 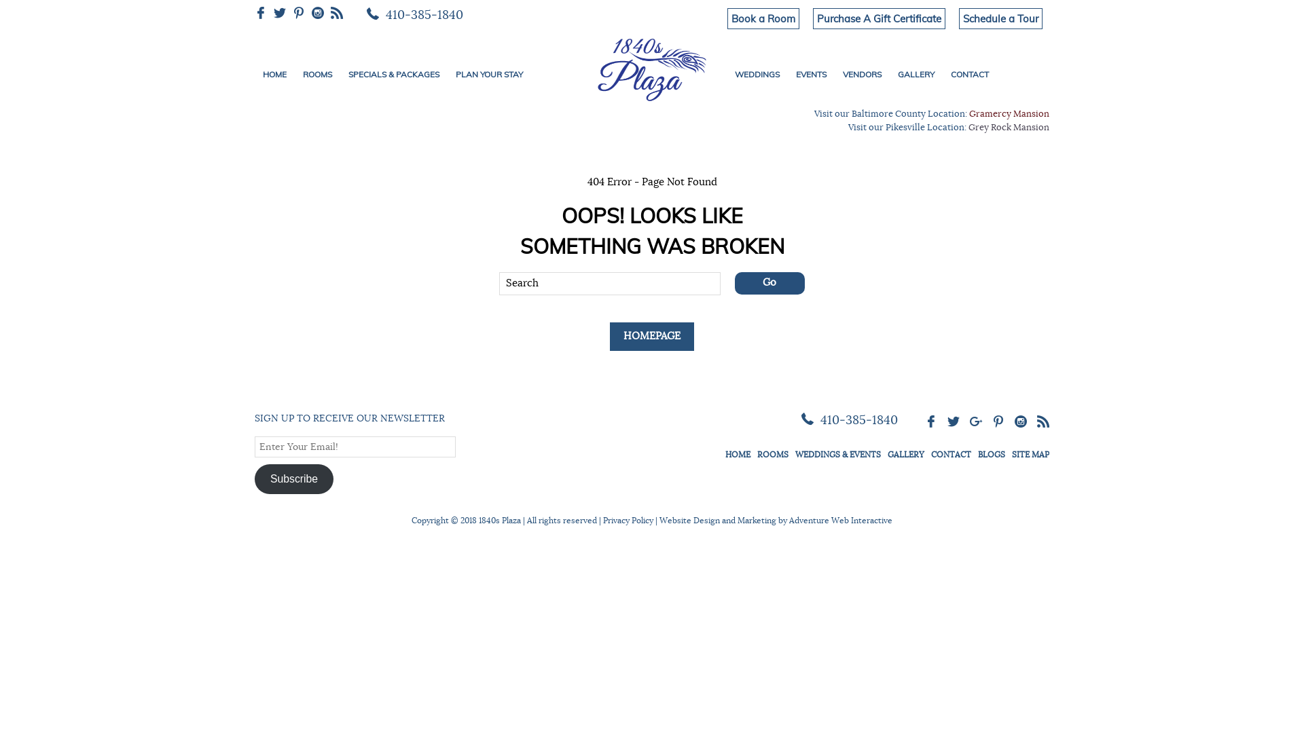 I want to click on 'WEDDINGS', so click(x=756, y=75).